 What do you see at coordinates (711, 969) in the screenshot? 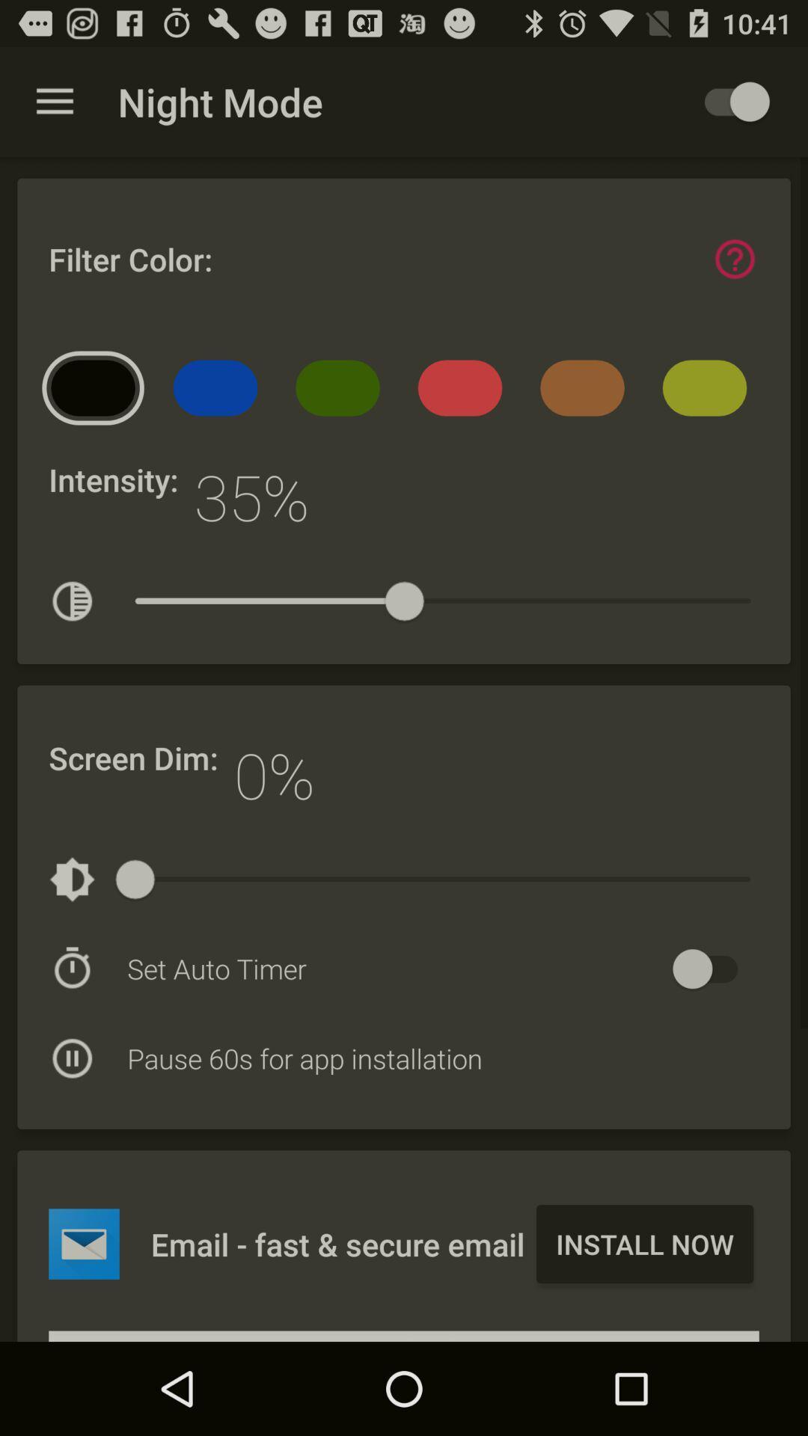
I see `auto timer` at bounding box center [711, 969].